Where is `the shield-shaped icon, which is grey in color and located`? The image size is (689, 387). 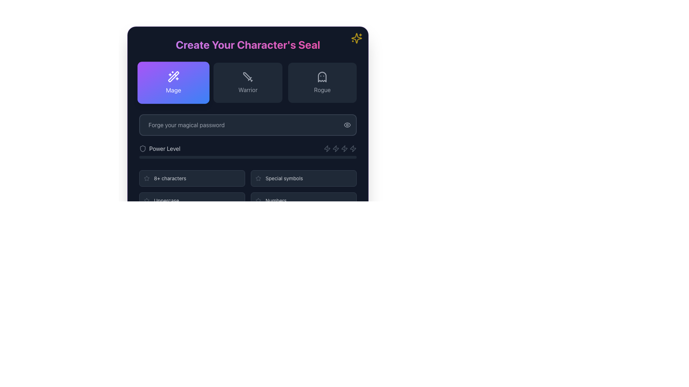 the shield-shaped icon, which is grey in color and located is located at coordinates (143, 148).